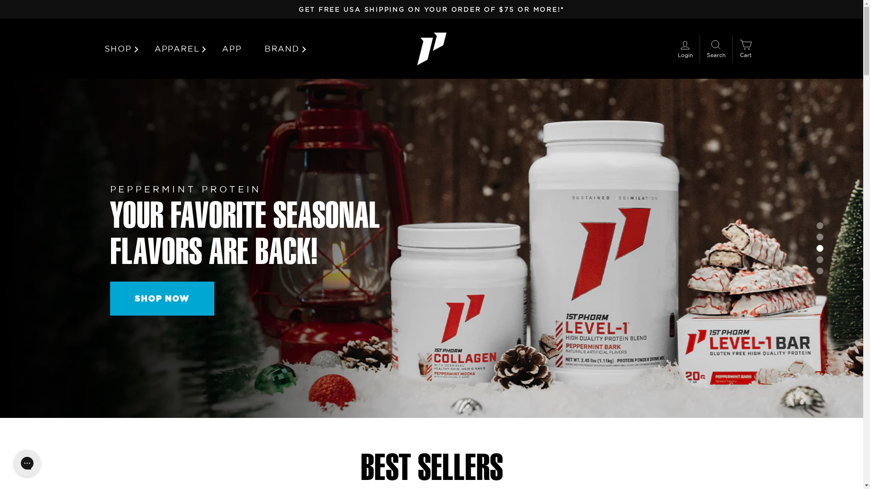  What do you see at coordinates (699, 49) in the screenshot?
I see `'SEARCH` at bounding box center [699, 49].